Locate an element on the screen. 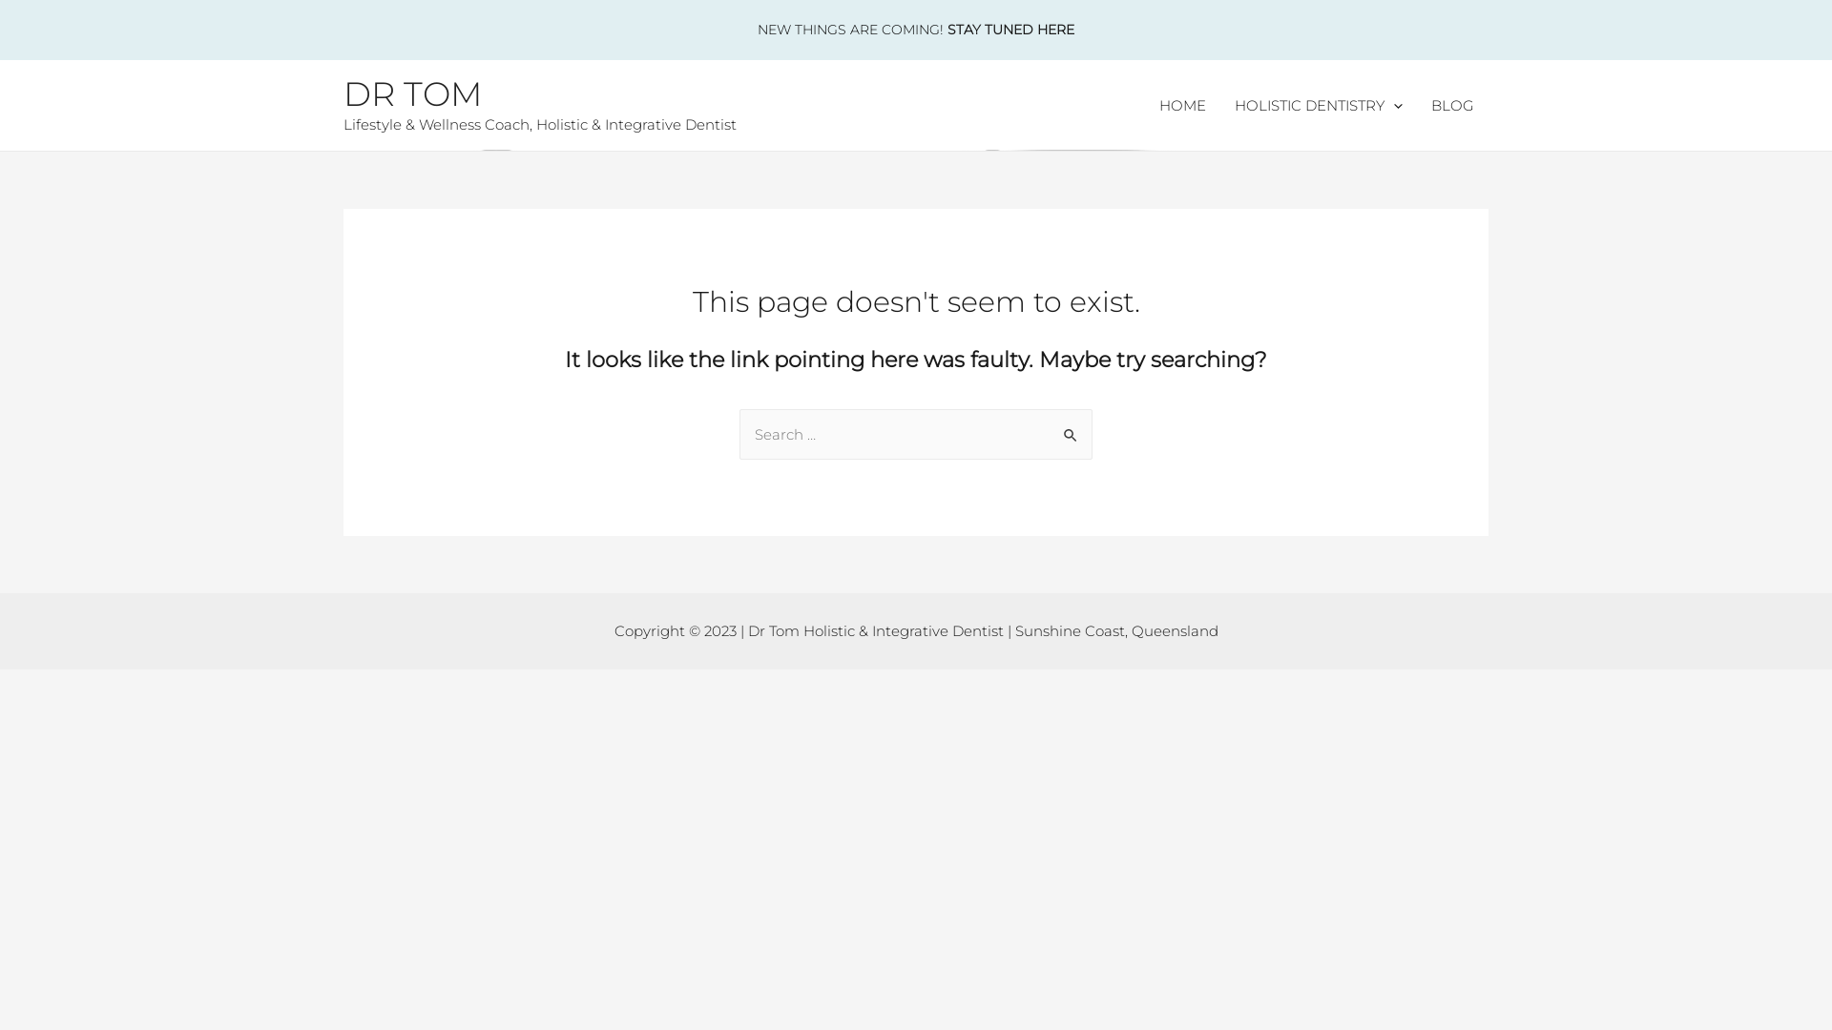 Image resolution: width=1832 pixels, height=1030 pixels. 'STAY TUNED HERE' is located at coordinates (947, 29).